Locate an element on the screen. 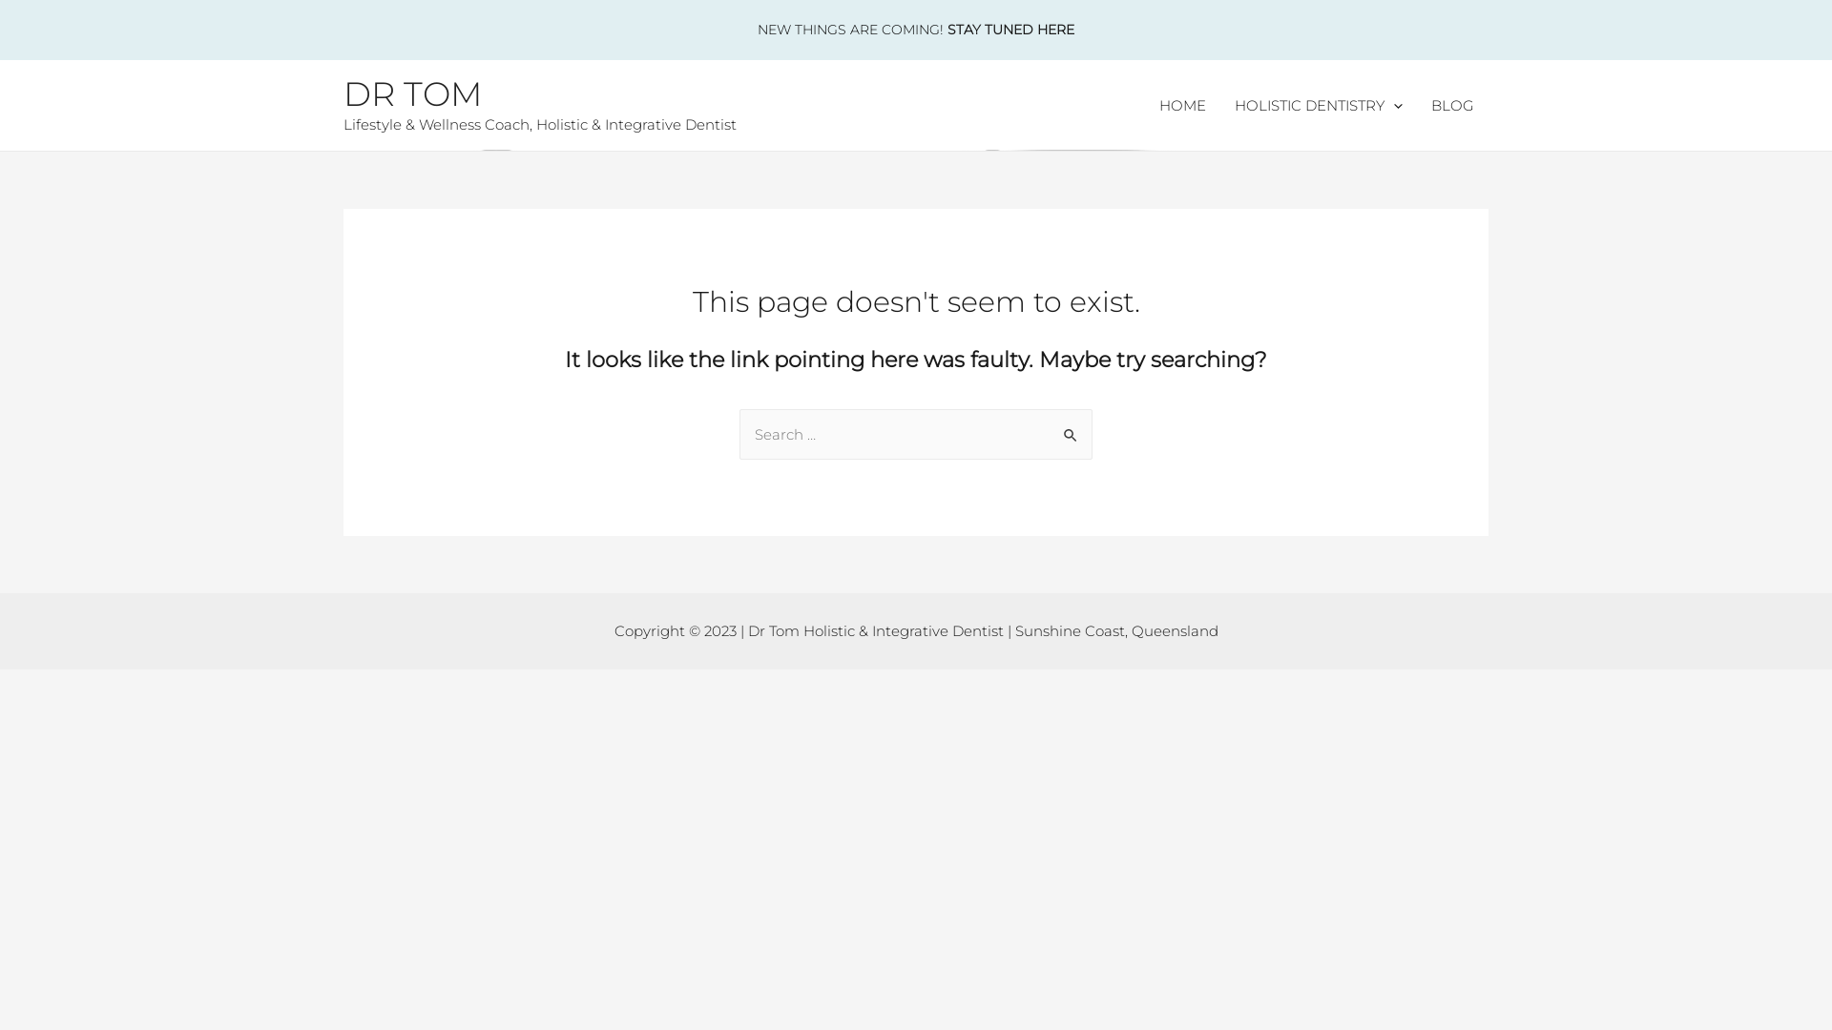 Image resolution: width=1832 pixels, height=1030 pixels. 'STAY TUNED HERE' is located at coordinates (947, 29).